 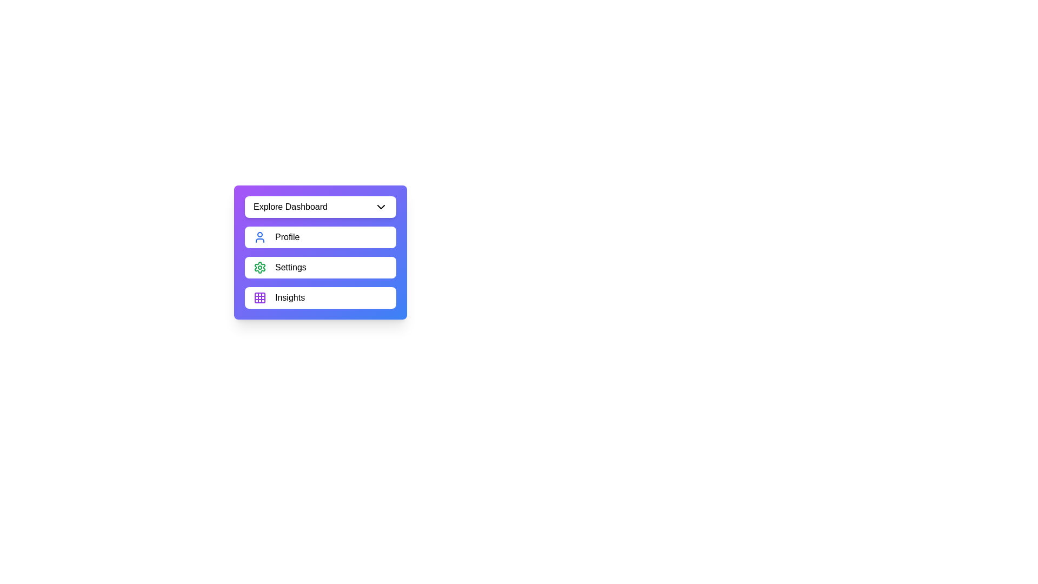 What do you see at coordinates (320, 267) in the screenshot?
I see `the menu item Settings` at bounding box center [320, 267].